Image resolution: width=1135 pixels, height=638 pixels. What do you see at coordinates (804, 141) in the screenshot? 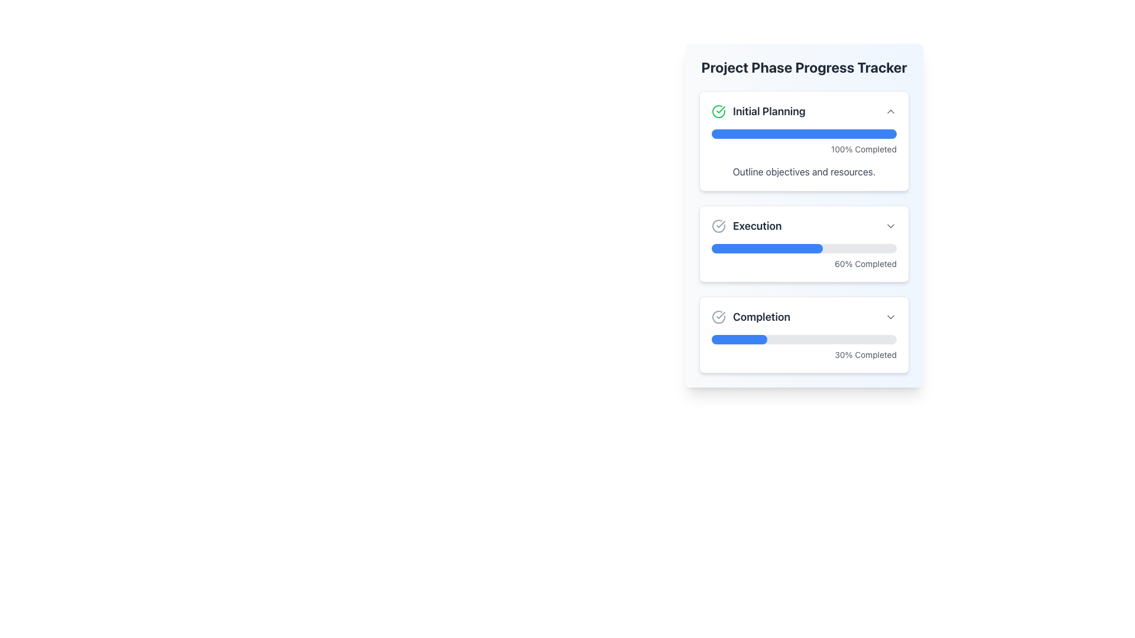
I see `the Informative Panel titled 'Initial Planning' to visualize the progress indicated by the blue progress bar showing '100% Completed'` at bounding box center [804, 141].